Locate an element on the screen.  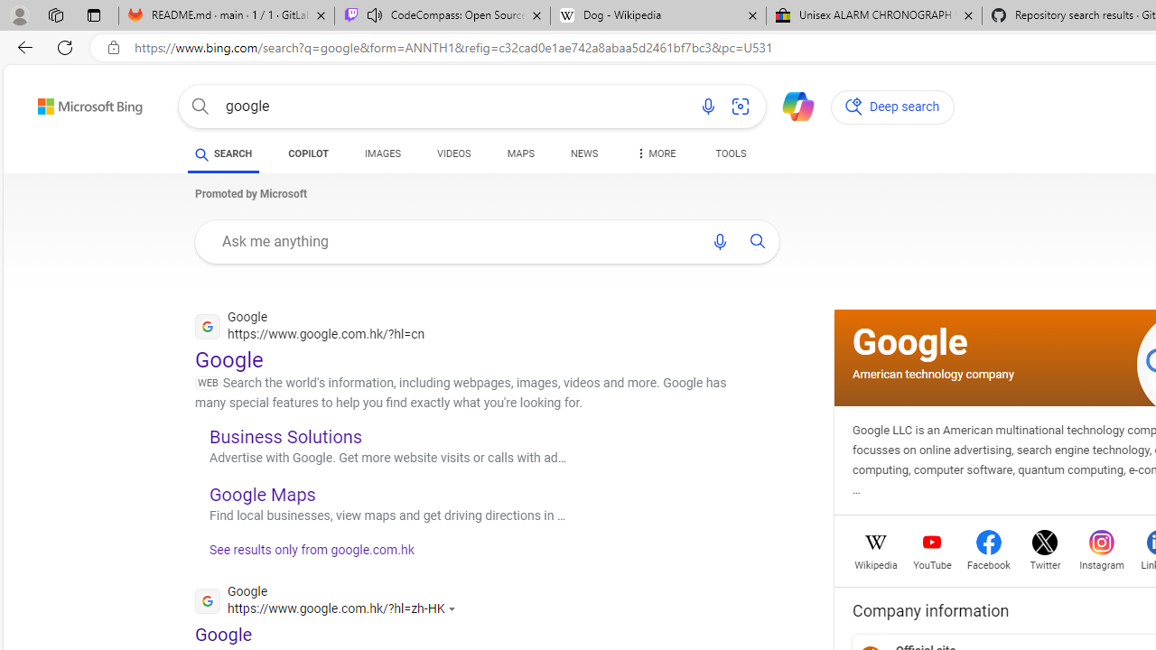
'Instagram' is located at coordinates (1100, 562).